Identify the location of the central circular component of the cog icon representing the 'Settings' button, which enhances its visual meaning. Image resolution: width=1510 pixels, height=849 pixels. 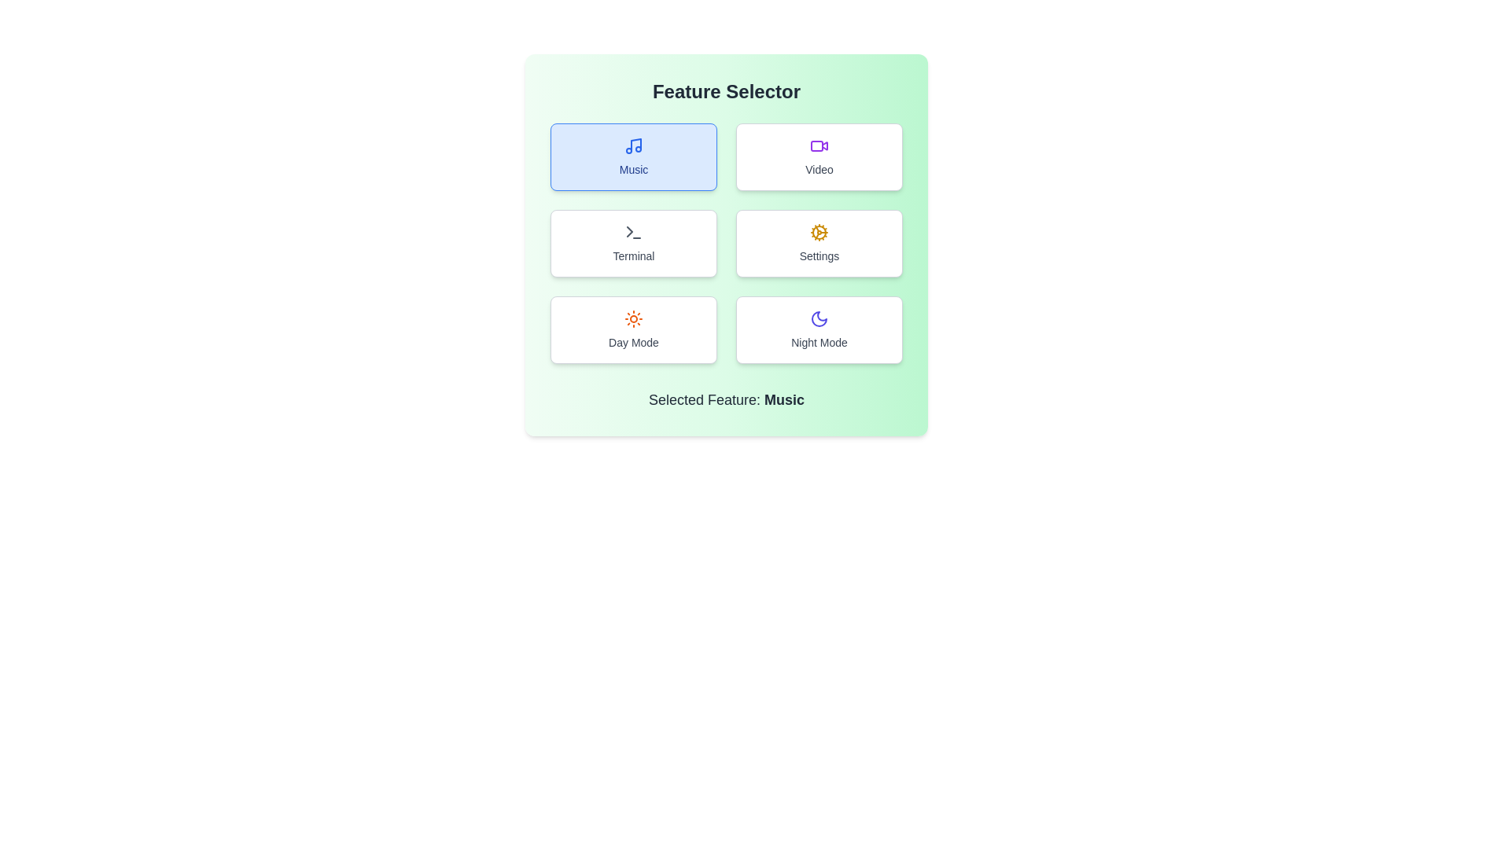
(818, 233).